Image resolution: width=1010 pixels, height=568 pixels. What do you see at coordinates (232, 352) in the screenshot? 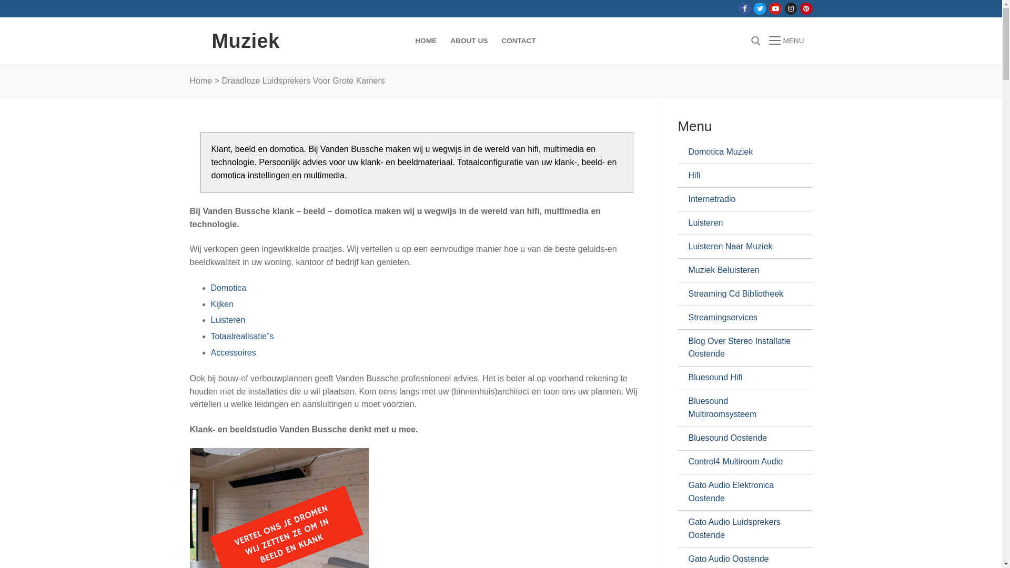
I see `'Accessoires'` at bounding box center [232, 352].